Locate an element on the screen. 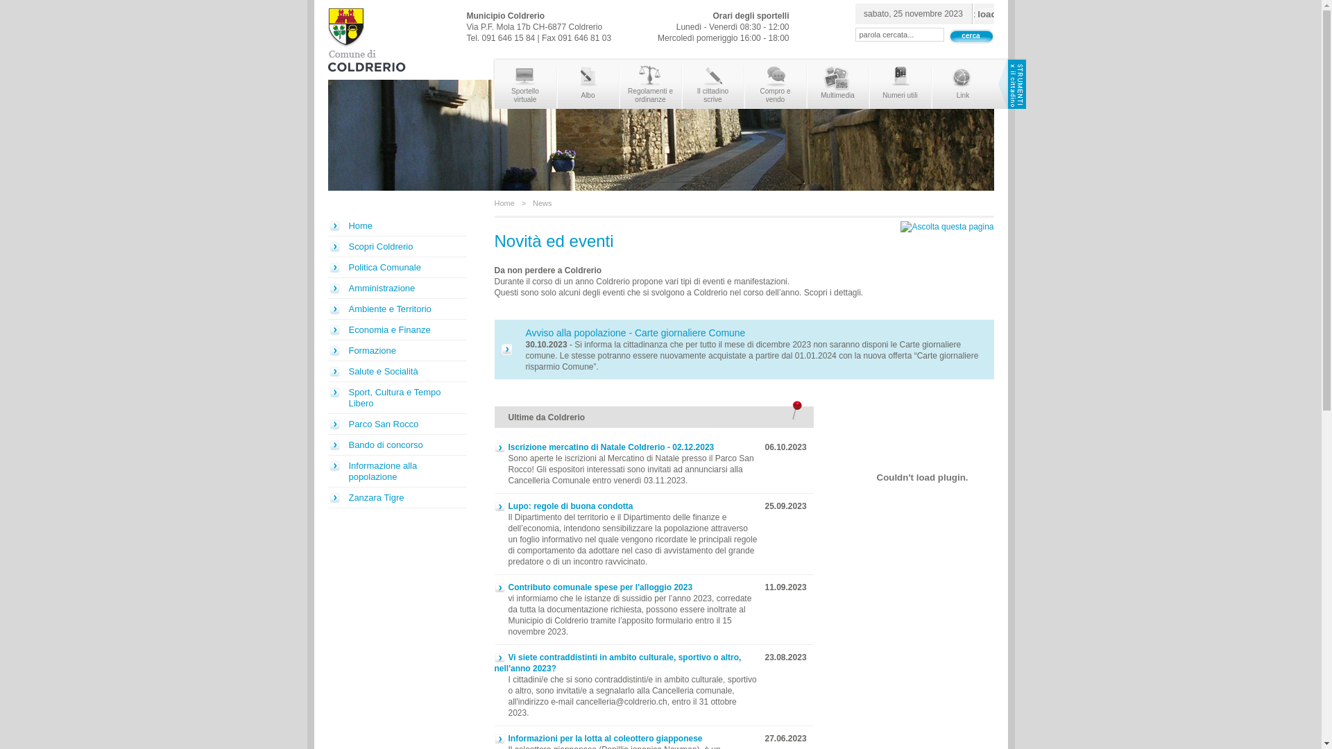  'Parco San Rocco' is located at coordinates (395, 424).